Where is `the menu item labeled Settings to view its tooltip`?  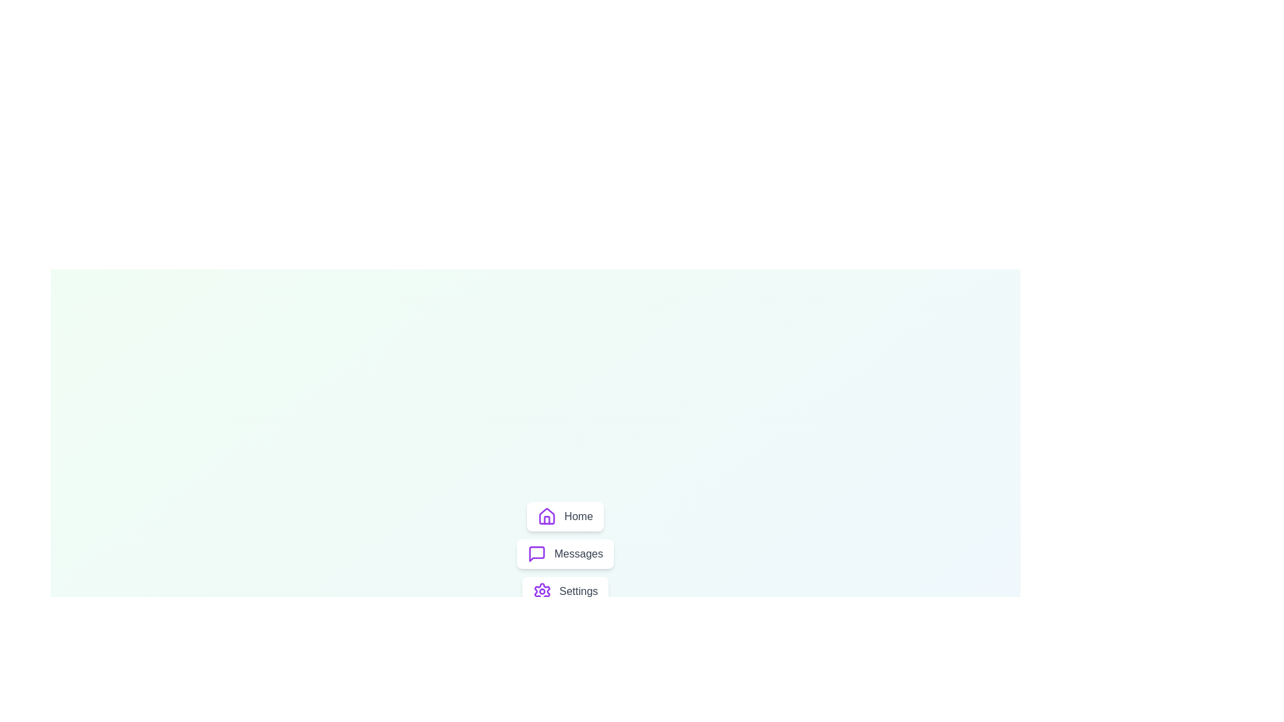 the menu item labeled Settings to view its tooltip is located at coordinates (564, 590).